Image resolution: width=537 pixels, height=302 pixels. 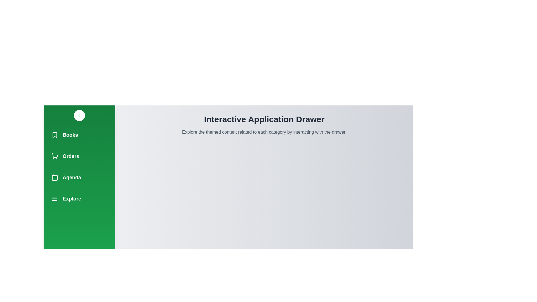 What do you see at coordinates (79, 178) in the screenshot?
I see `the navigation item Agenda to observe its hover effect` at bounding box center [79, 178].